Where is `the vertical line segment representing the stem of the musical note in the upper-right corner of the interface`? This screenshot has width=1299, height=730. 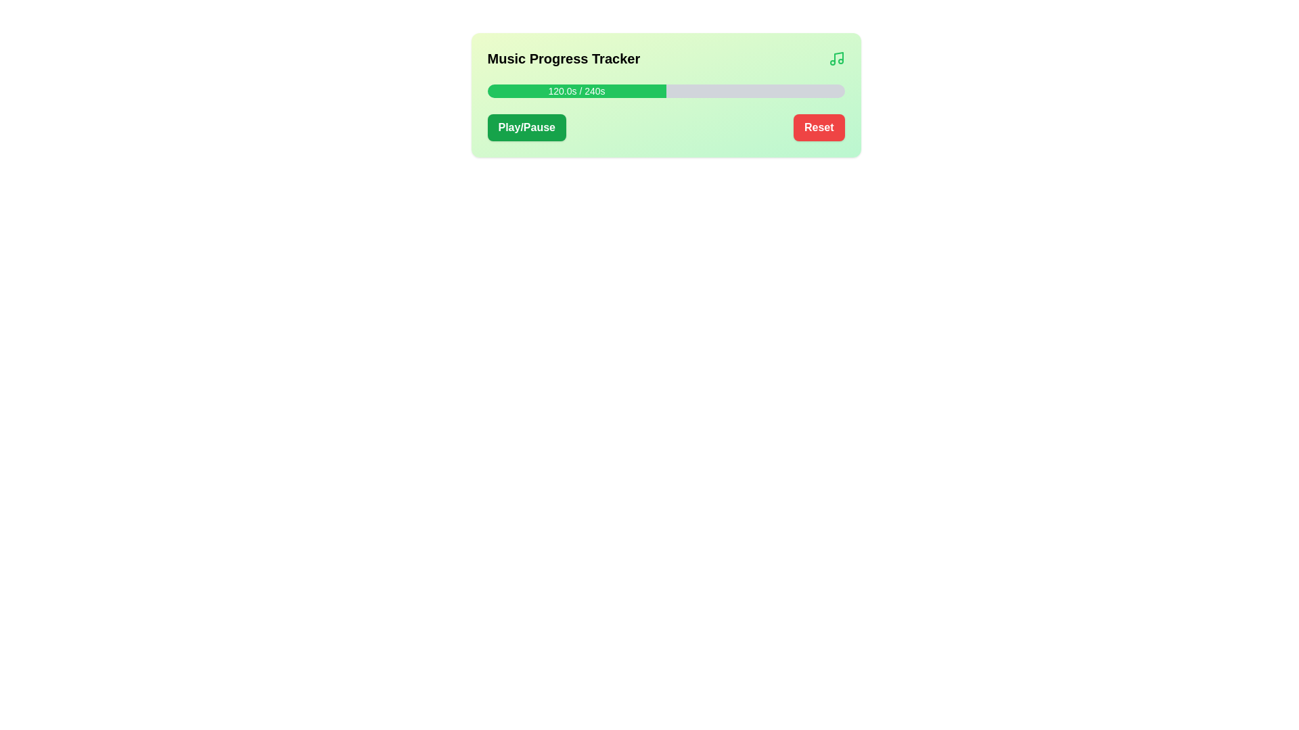
the vertical line segment representing the stem of the musical note in the upper-right corner of the interface is located at coordinates (838, 57).